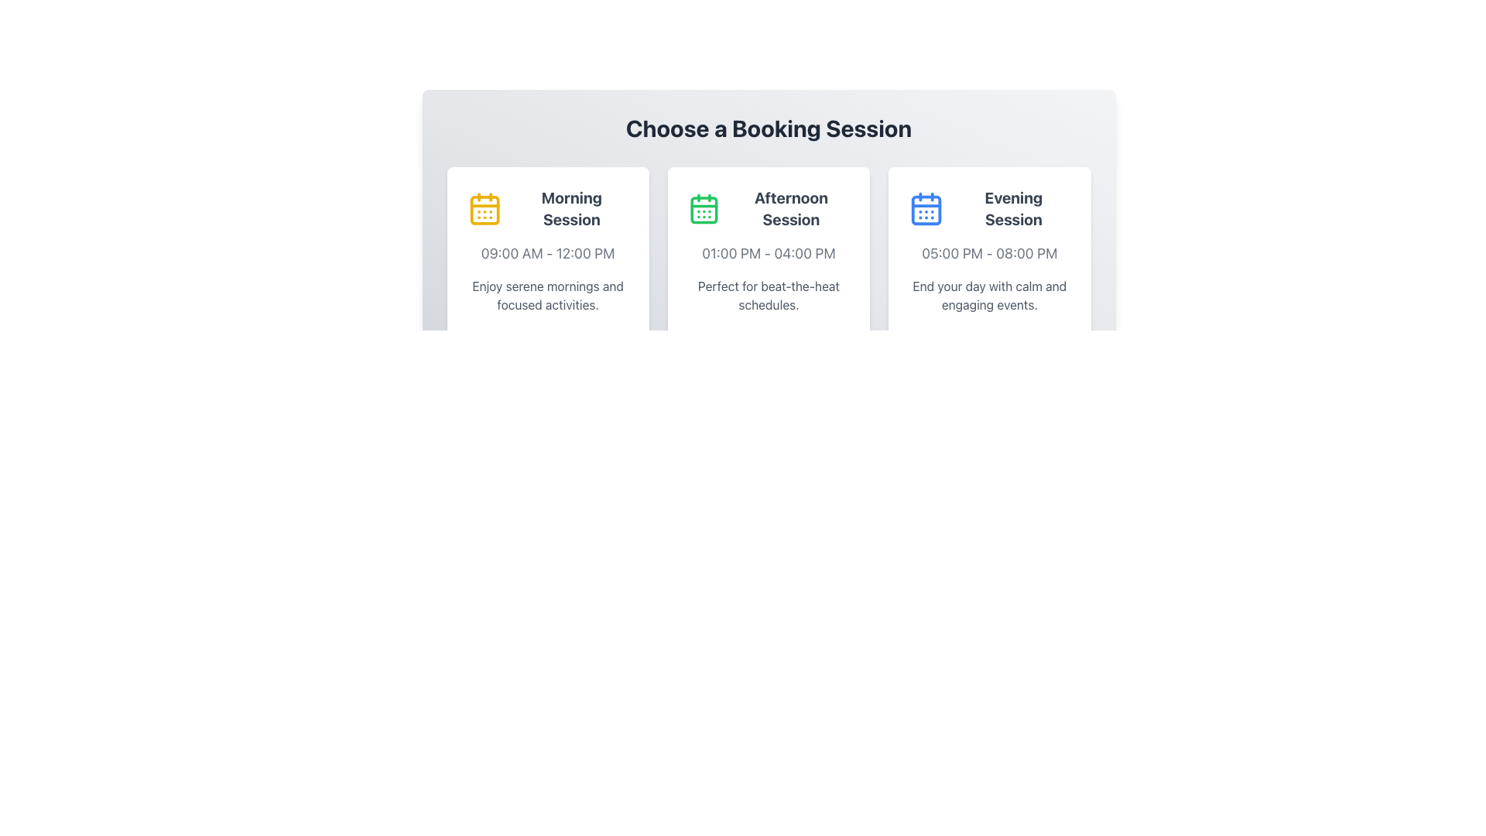 The height and width of the screenshot is (836, 1486). What do you see at coordinates (988, 209) in the screenshot?
I see `text label 'Evening Session' which is displayed in bold and large font, accompanied by a blue calendar icon, located in the header section of the booking session layout` at bounding box center [988, 209].